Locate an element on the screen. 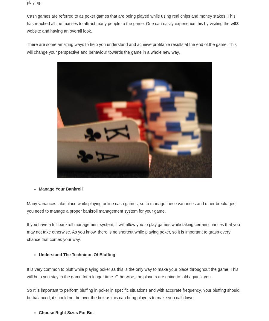 The image size is (269, 321). 'If you have a full bankroll management system, it will allow you to play games while taking certain chances that you may not take otherwise. As you know, there is no shortcut while playing poker, so it is important to grasp every chance that comes your way.' is located at coordinates (133, 231).